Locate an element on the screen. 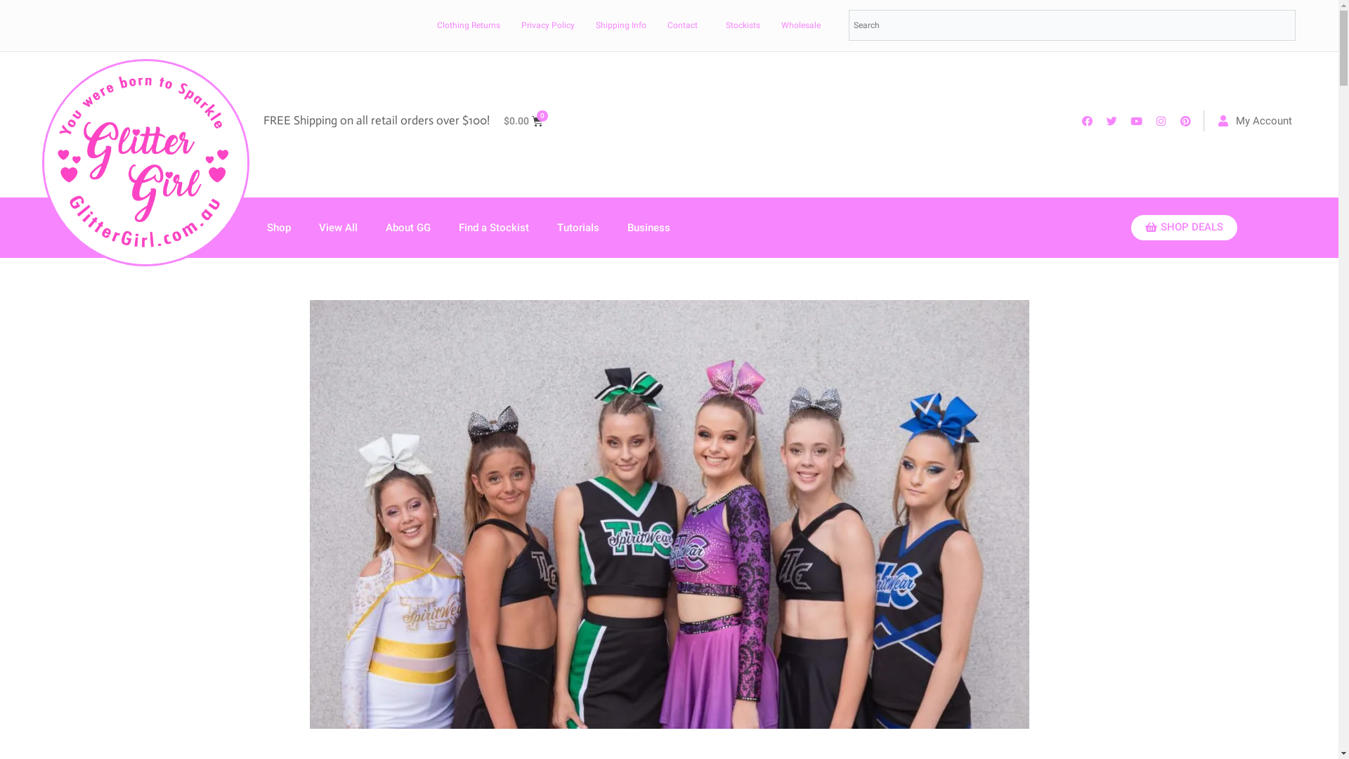 The width and height of the screenshot is (1349, 759). 'Contact' is located at coordinates (682, 25).